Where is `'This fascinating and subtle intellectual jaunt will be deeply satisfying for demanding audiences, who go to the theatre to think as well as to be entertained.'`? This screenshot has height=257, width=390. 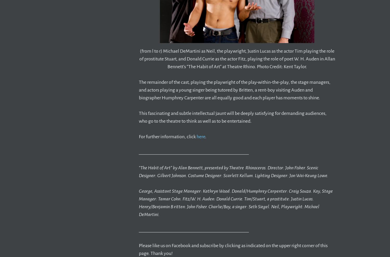
'This fascinating and subtle intellectual jaunt will be deeply satisfying for demanding audiences, who go to the theatre to think as well as to be entertained.' is located at coordinates (233, 117).